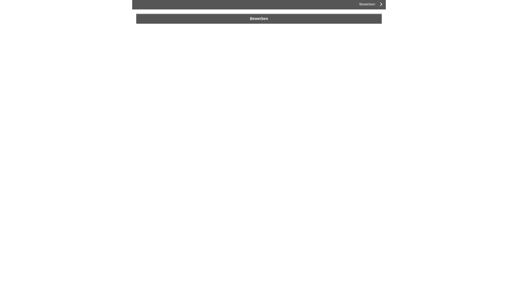 This screenshot has height=291, width=518. Describe the element at coordinates (259, 18) in the screenshot. I see `'Bewerben'` at that location.